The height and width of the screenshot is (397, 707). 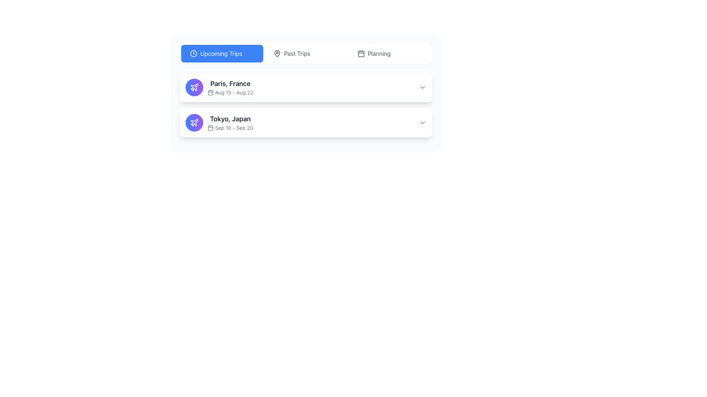 I want to click on the informational component displaying the trip details for 'Paris, France' scheduled from 'Aug 15 - Aug 22', located, so click(x=230, y=87).